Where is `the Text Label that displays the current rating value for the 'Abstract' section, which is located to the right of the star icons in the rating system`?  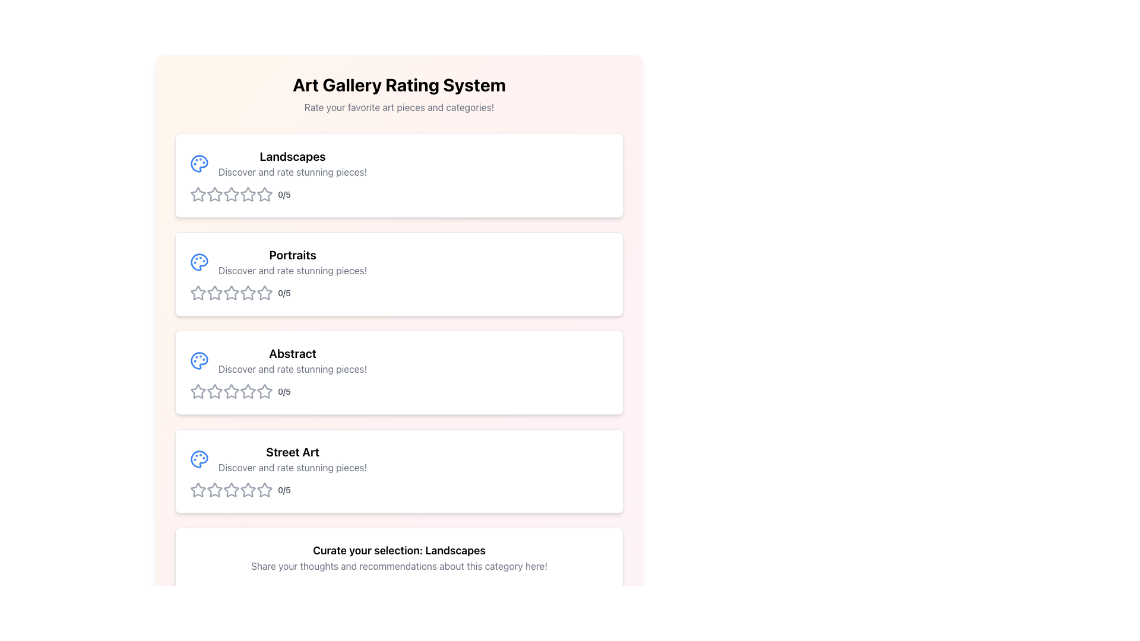
the Text Label that displays the current rating value for the 'Abstract' section, which is located to the right of the star icons in the rating system is located at coordinates (284, 391).